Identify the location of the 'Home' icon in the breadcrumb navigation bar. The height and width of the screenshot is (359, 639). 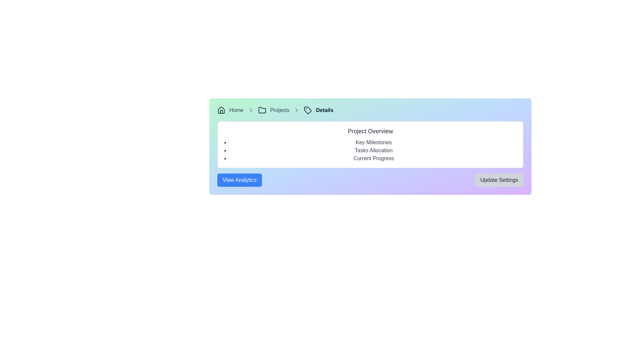
(221, 110).